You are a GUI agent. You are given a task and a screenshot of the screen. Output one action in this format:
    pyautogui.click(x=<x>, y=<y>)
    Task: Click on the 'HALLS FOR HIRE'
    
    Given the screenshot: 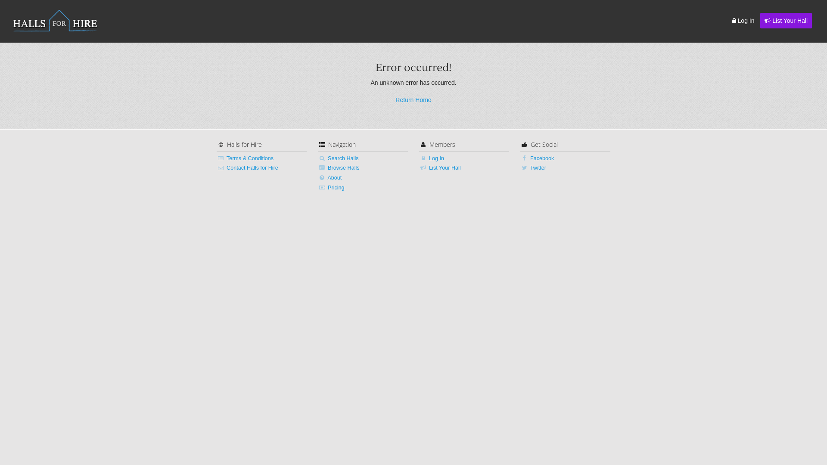 What is the action you would take?
    pyautogui.click(x=12, y=20)
    